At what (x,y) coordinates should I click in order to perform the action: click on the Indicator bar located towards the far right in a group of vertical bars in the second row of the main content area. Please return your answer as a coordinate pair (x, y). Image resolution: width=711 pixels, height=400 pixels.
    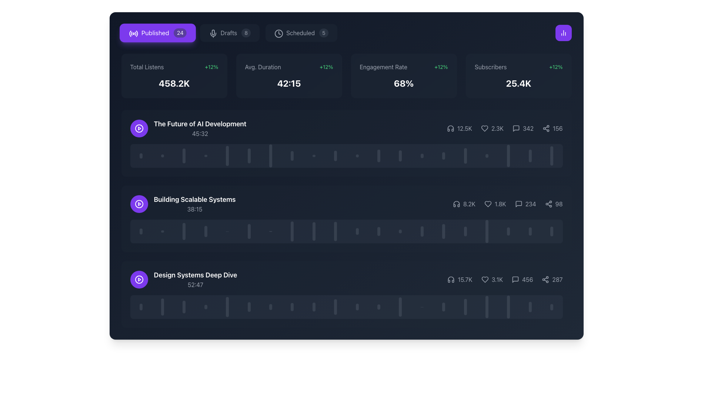
    Looking at the image, I should click on (552, 231).